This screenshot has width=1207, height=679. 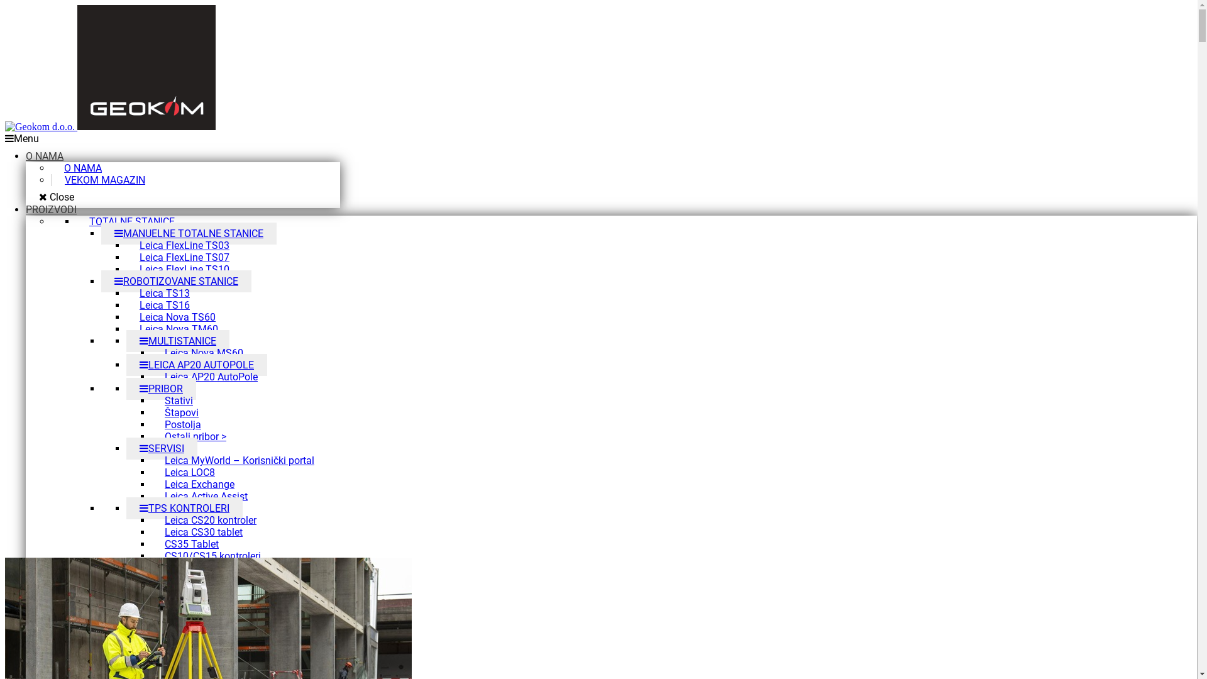 What do you see at coordinates (164, 305) in the screenshot?
I see `'Leica TS16'` at bounding box center [164, 305].